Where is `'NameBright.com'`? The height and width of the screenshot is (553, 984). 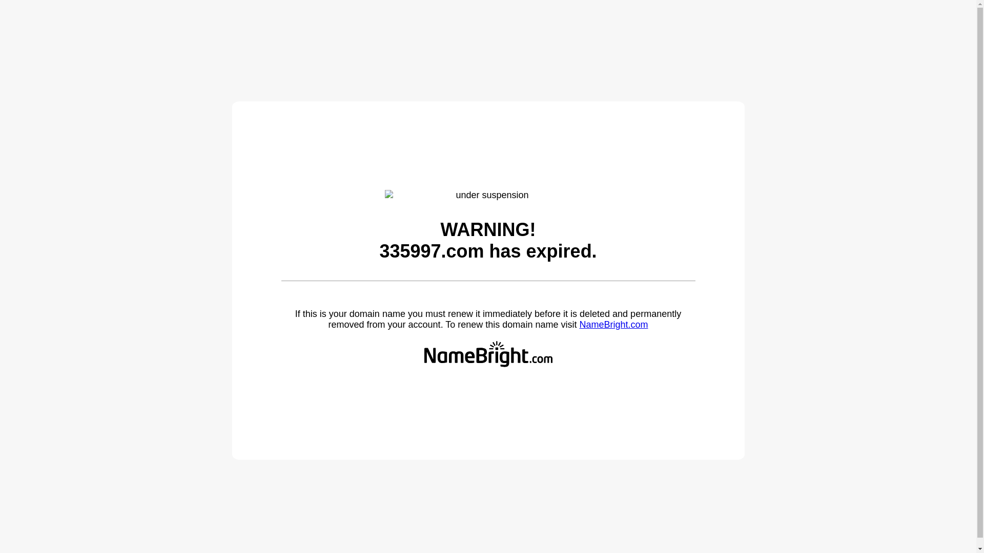
'NameBright.com' is located at coordinates (613, 324).